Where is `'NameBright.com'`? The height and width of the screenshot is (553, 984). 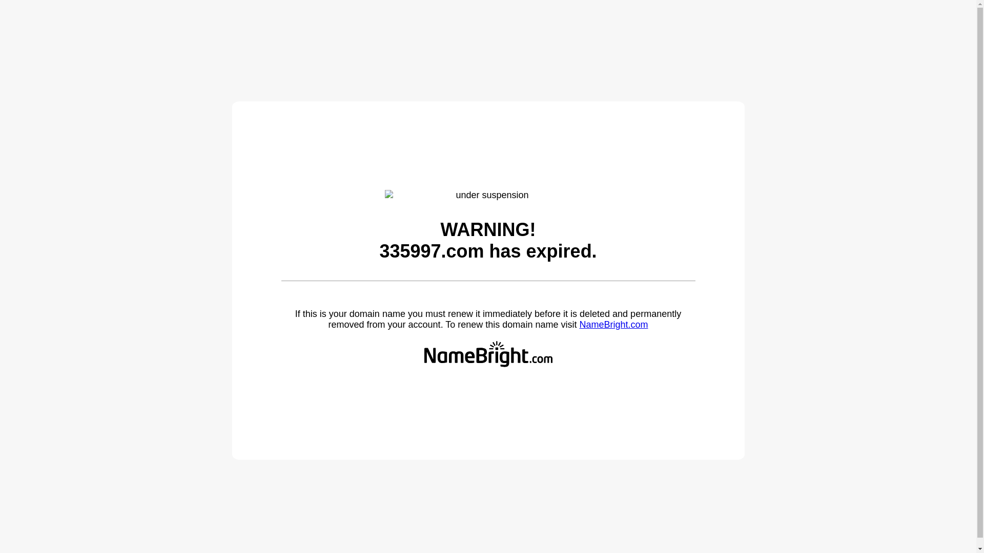
'NameBright.com' is located at coordinates (613, 324).